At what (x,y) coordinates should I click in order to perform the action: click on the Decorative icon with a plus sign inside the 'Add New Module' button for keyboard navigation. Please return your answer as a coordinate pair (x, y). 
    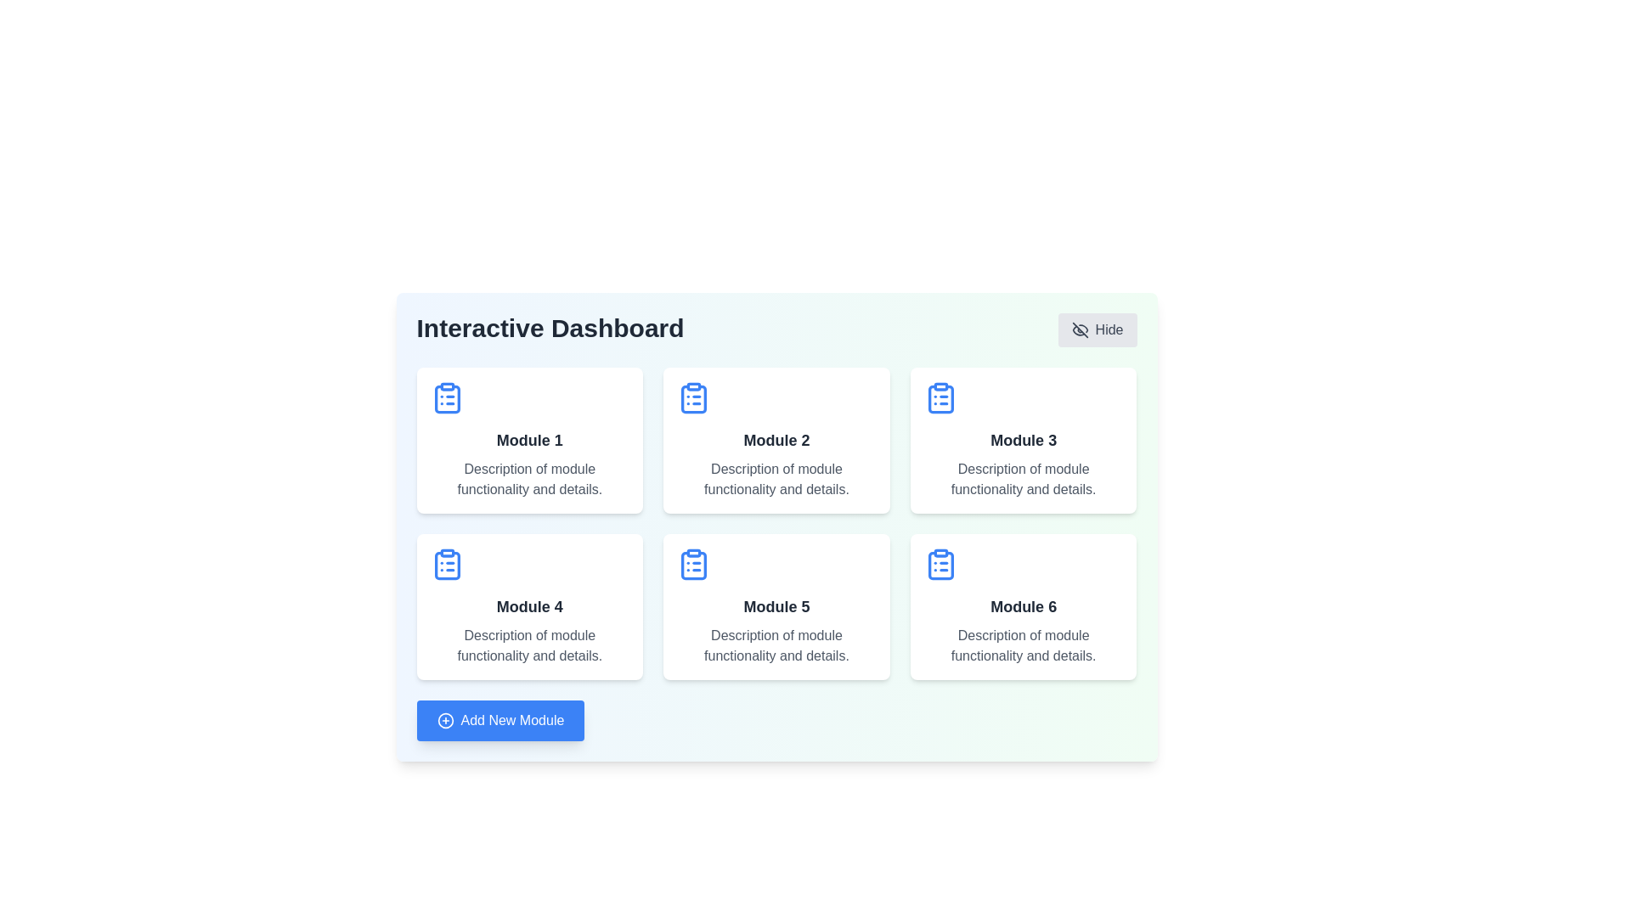
    Looking at the image, I should click on (445, 720).